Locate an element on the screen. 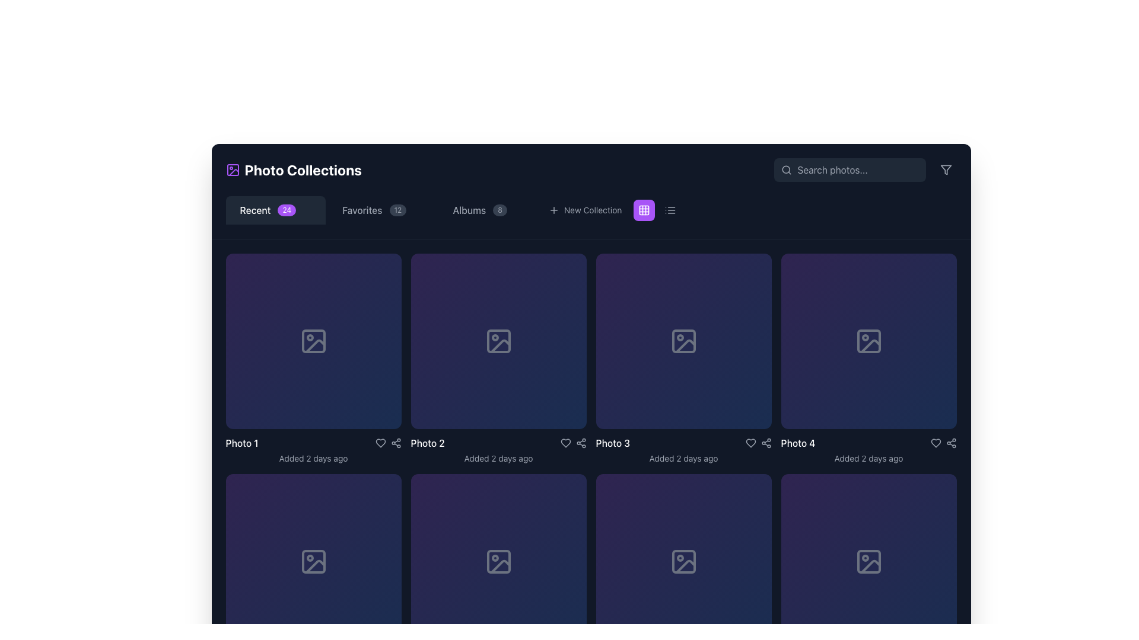 This screenshot has height=640, width=1139. the second image placeholder in the grid, which has a gradient background and contains a muted gray image icon is located at coordinates (498, 341).